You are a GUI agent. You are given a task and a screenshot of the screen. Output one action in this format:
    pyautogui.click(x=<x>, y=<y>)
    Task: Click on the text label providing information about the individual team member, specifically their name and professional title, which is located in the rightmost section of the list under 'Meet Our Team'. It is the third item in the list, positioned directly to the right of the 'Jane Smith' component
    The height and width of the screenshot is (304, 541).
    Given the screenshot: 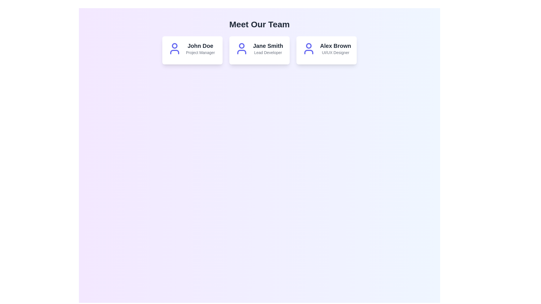 What is the action you would take?
    pyautogui.click(x=335, y=48)
    